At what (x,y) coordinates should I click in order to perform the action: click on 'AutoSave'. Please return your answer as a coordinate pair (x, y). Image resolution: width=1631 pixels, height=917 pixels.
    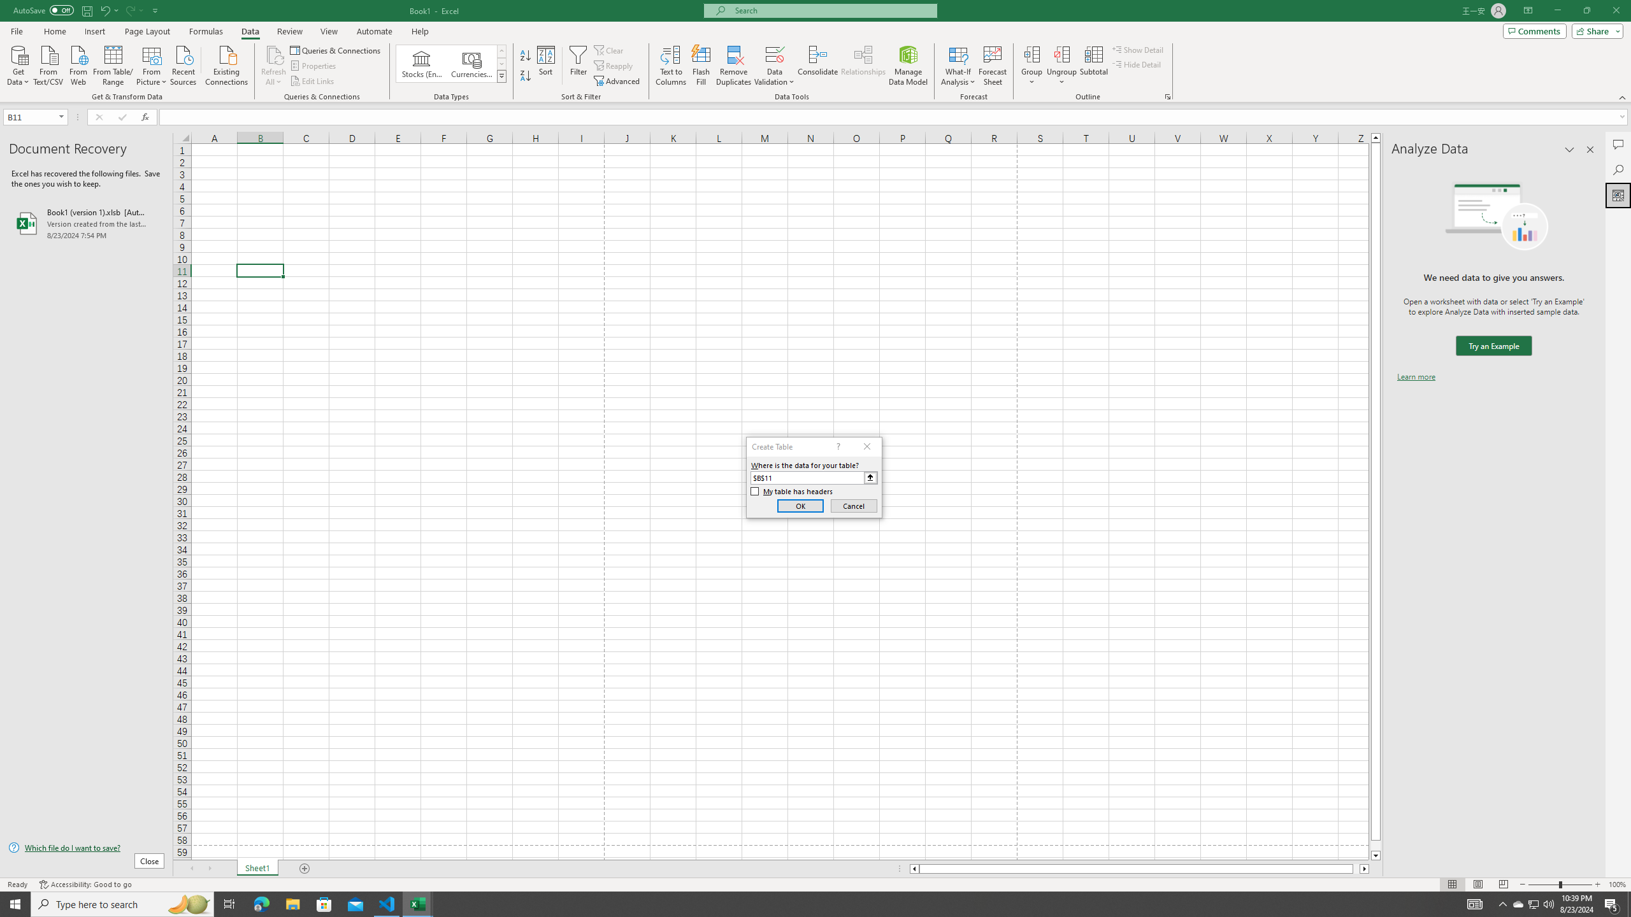
    Looking at the image, I should click on (44, 10).